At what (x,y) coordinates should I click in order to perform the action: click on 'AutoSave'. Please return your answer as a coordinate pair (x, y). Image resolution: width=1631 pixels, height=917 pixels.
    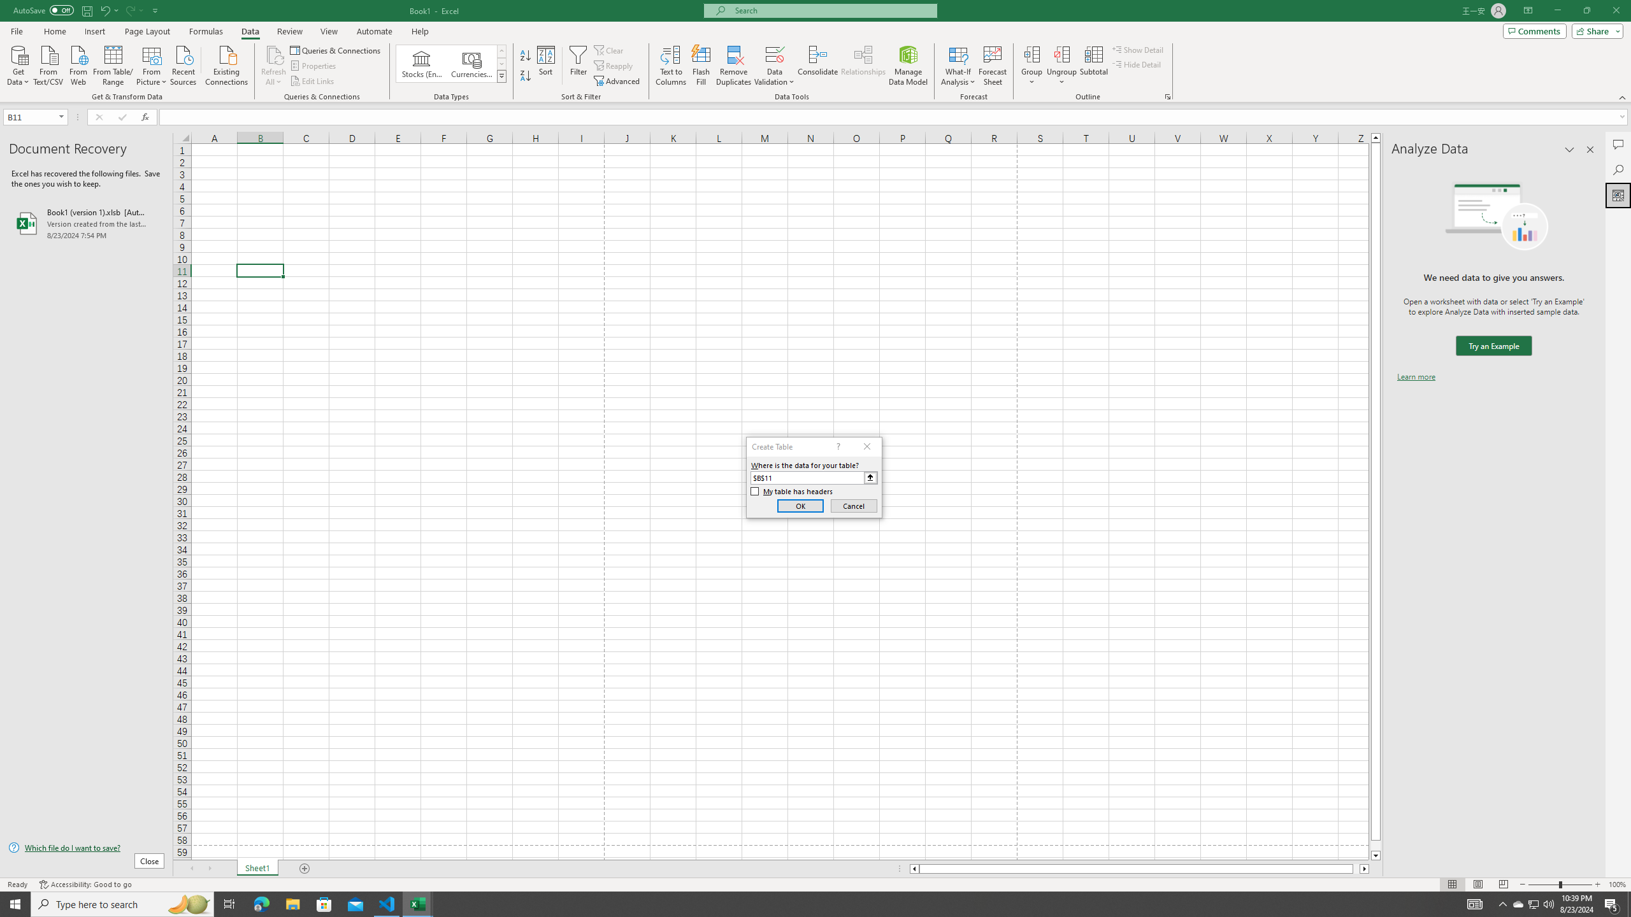
    Looking at the image, I should click on (44, 10).